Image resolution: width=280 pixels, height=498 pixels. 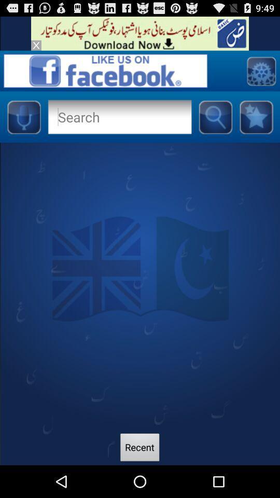 I want to click on search, so click(x=215, y=117).